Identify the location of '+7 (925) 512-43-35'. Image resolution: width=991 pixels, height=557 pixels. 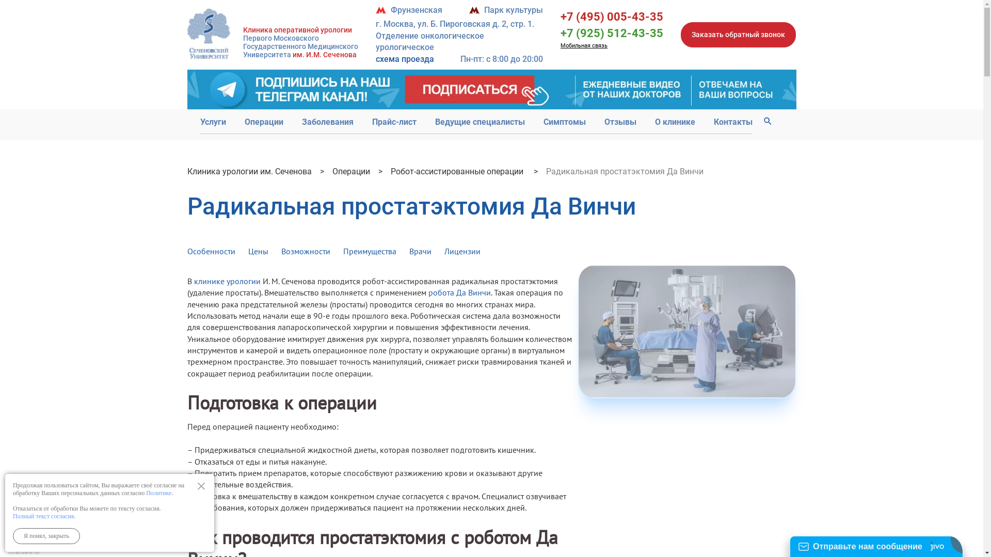
(612, 32).